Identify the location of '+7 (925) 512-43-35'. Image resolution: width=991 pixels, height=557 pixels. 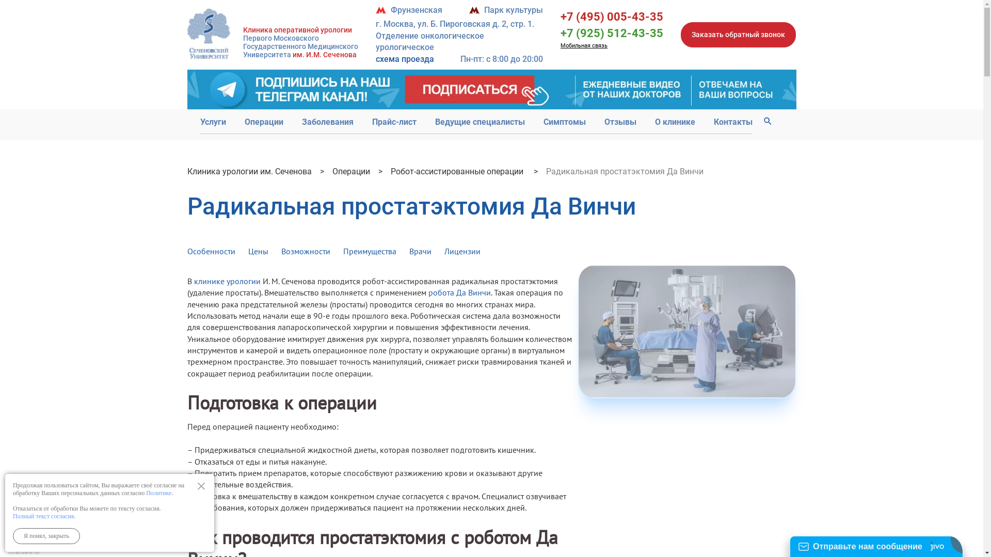
(612, 32).